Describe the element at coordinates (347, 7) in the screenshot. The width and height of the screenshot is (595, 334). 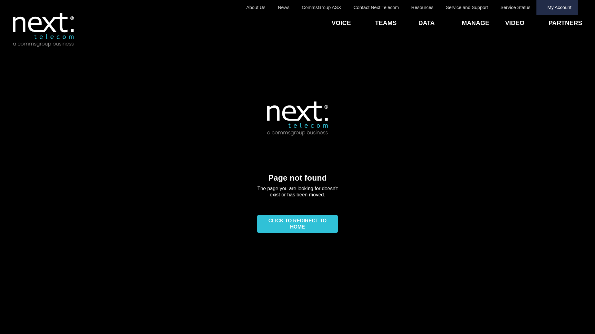
I see `'Contact Next Telecom'` at that location.